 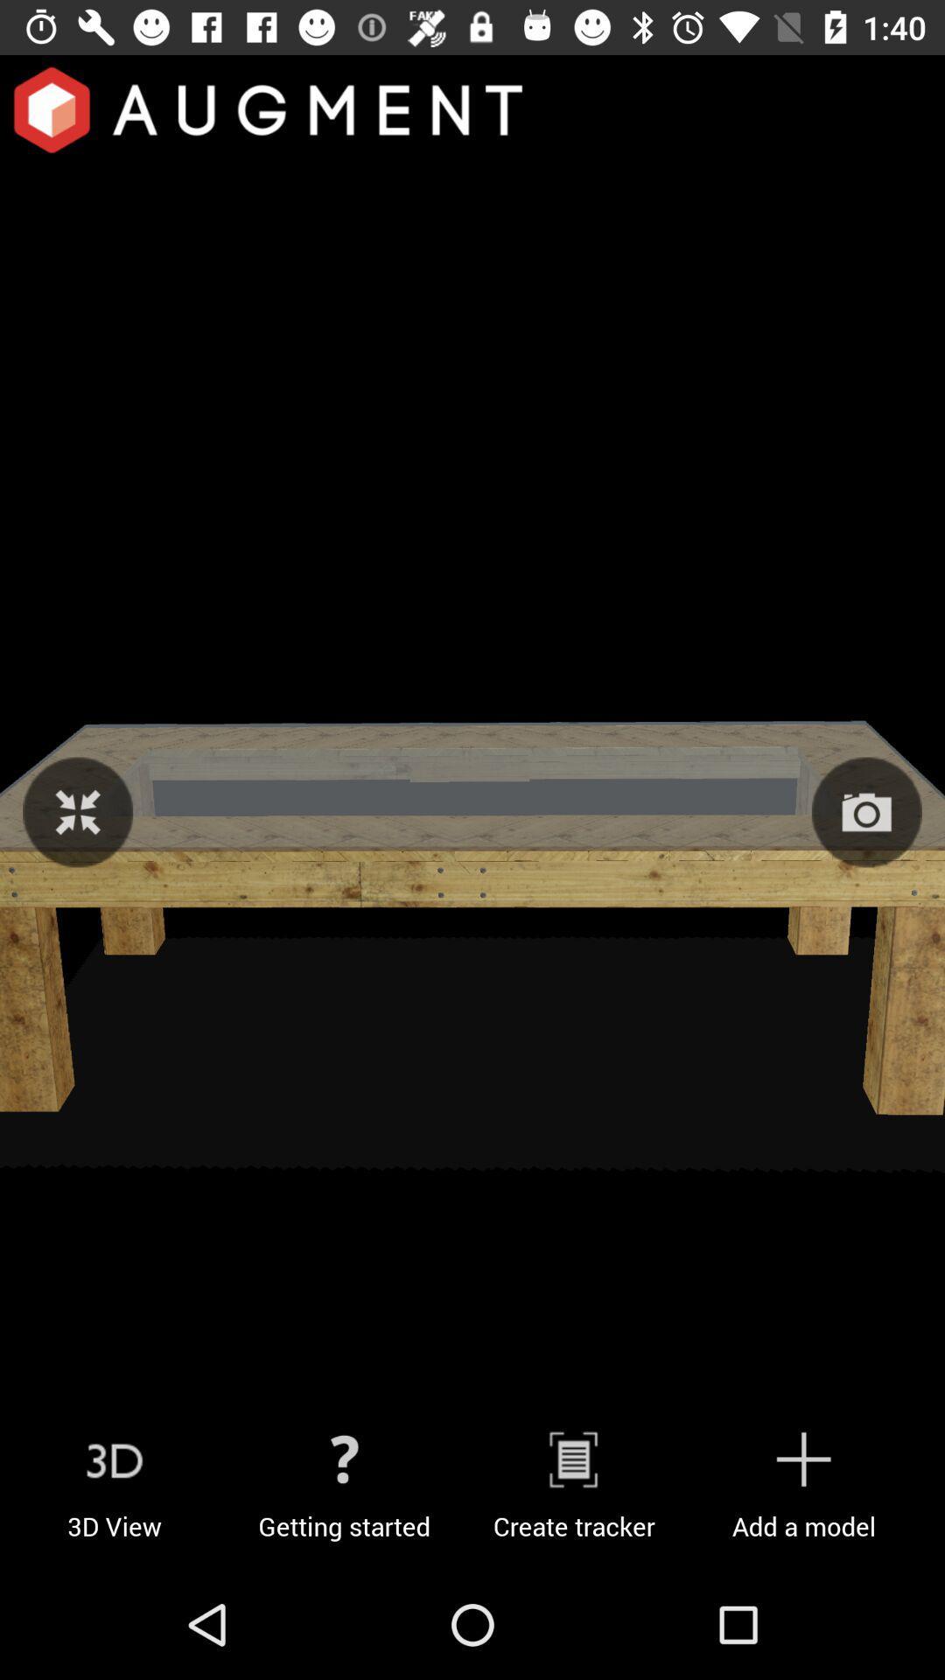 What do you see at coordinates (77, 811) in the screenshot?
I see `the fullscreen icon` at bounding box center [77, 811].